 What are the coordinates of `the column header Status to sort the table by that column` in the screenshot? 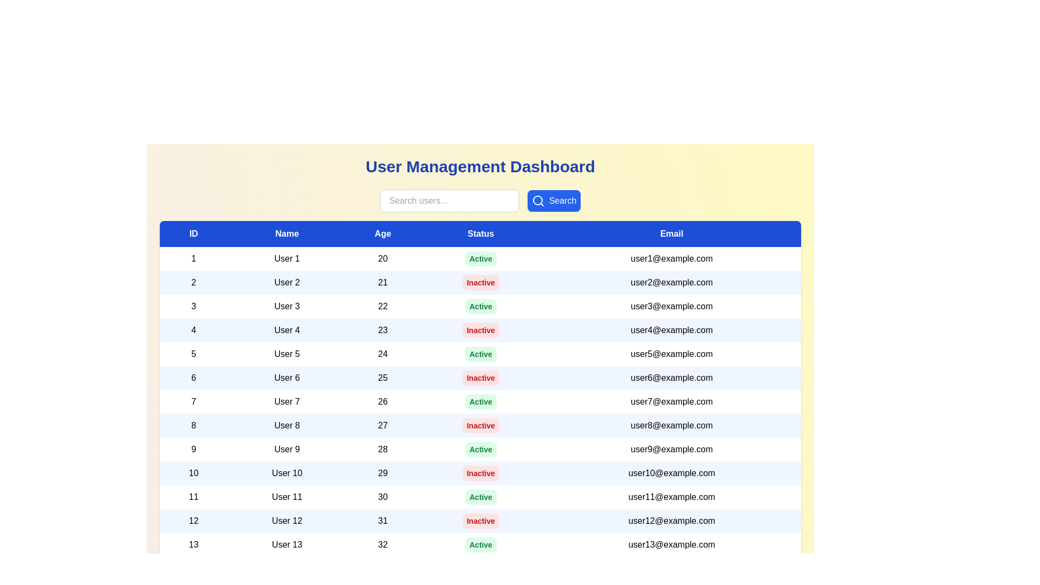 It's located at (480, 233).